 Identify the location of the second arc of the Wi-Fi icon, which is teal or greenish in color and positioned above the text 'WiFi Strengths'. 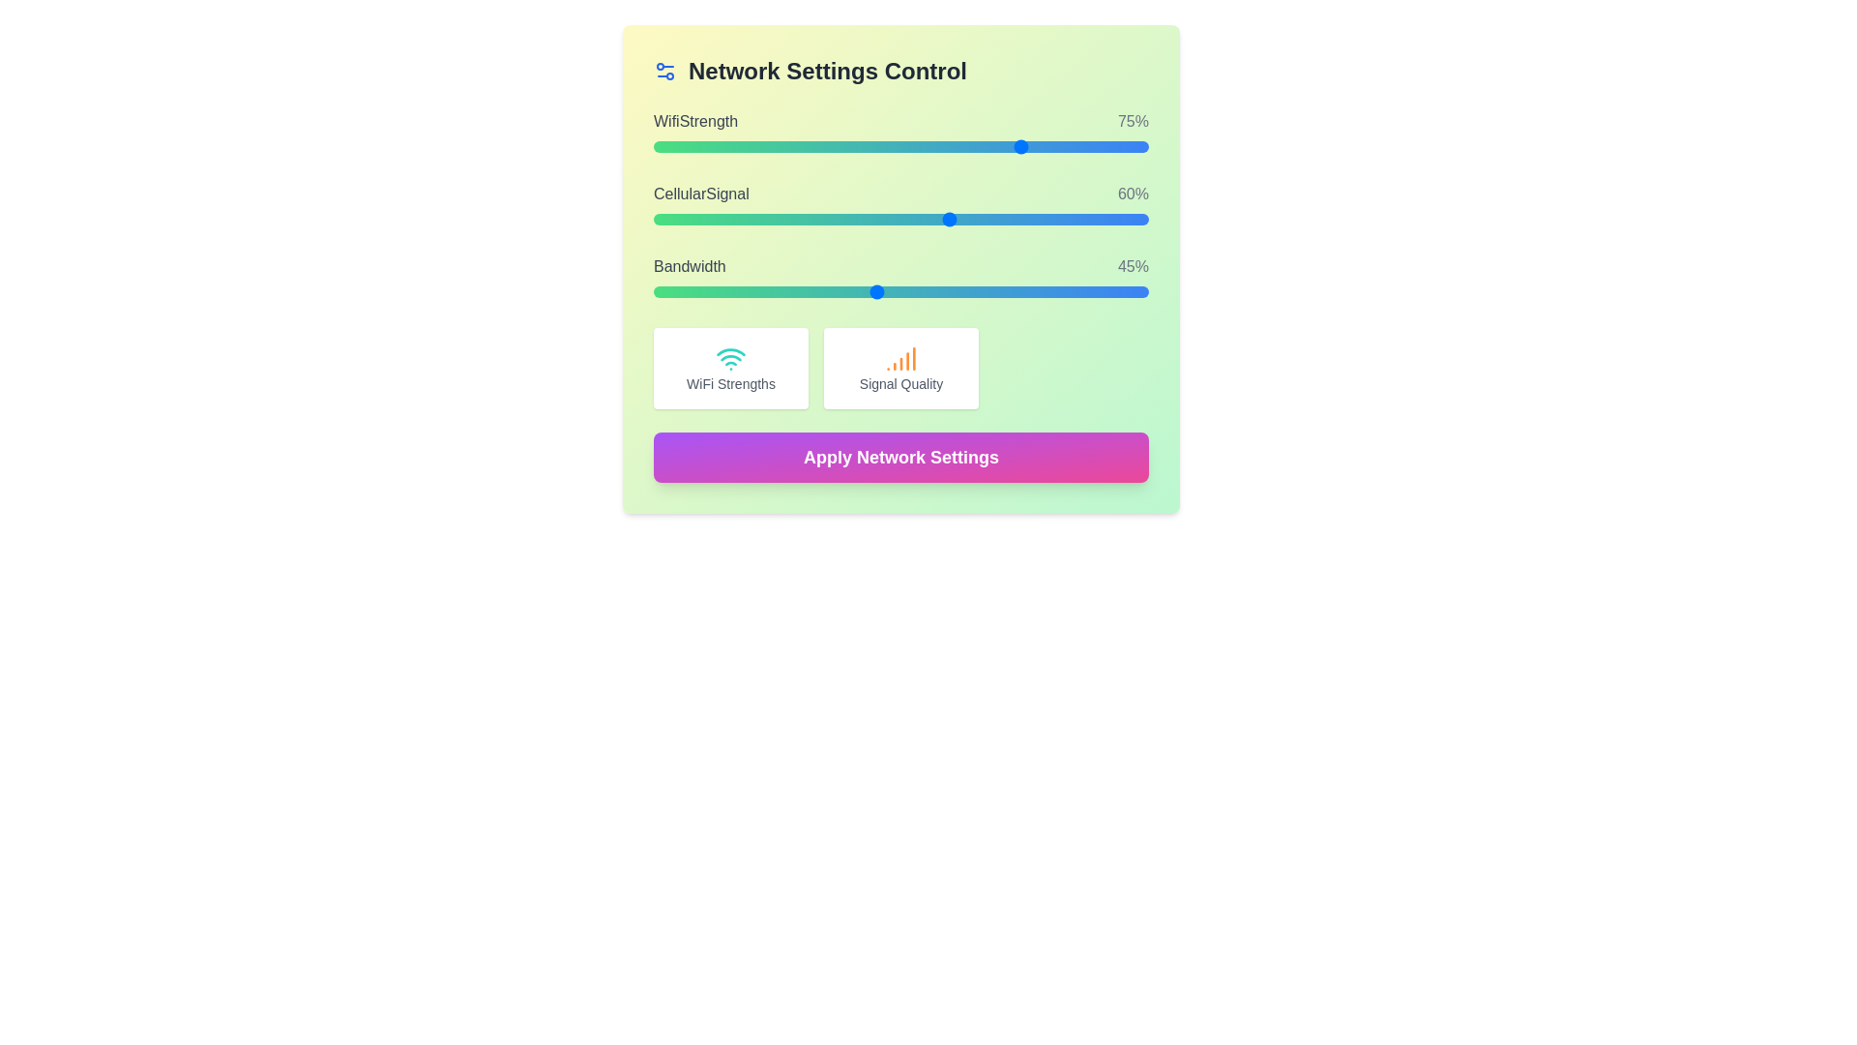
(729, 351).